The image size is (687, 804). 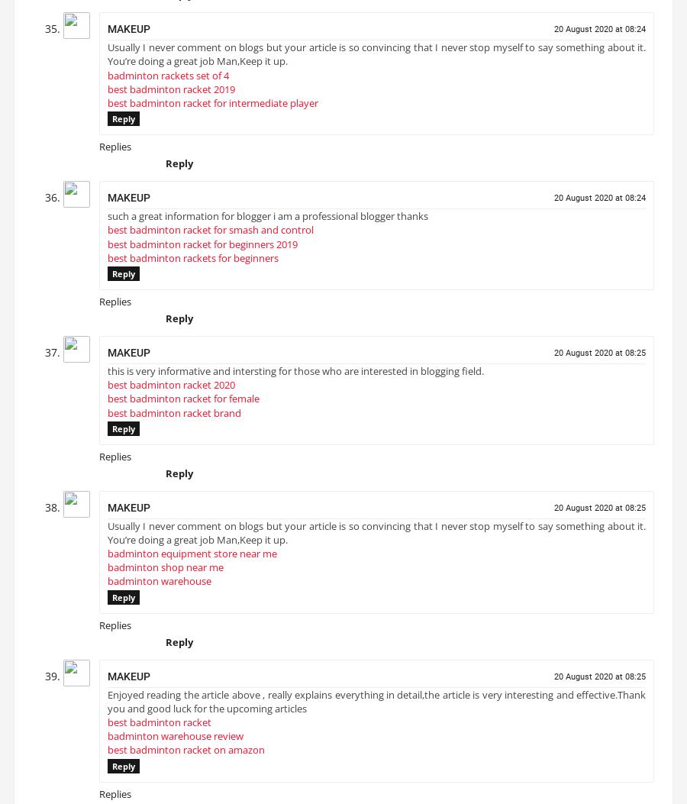 What do you see at coordinates (165, 572) in the screenshot?
I see `'badminton shop near me'` at bounding box center [165, 572].